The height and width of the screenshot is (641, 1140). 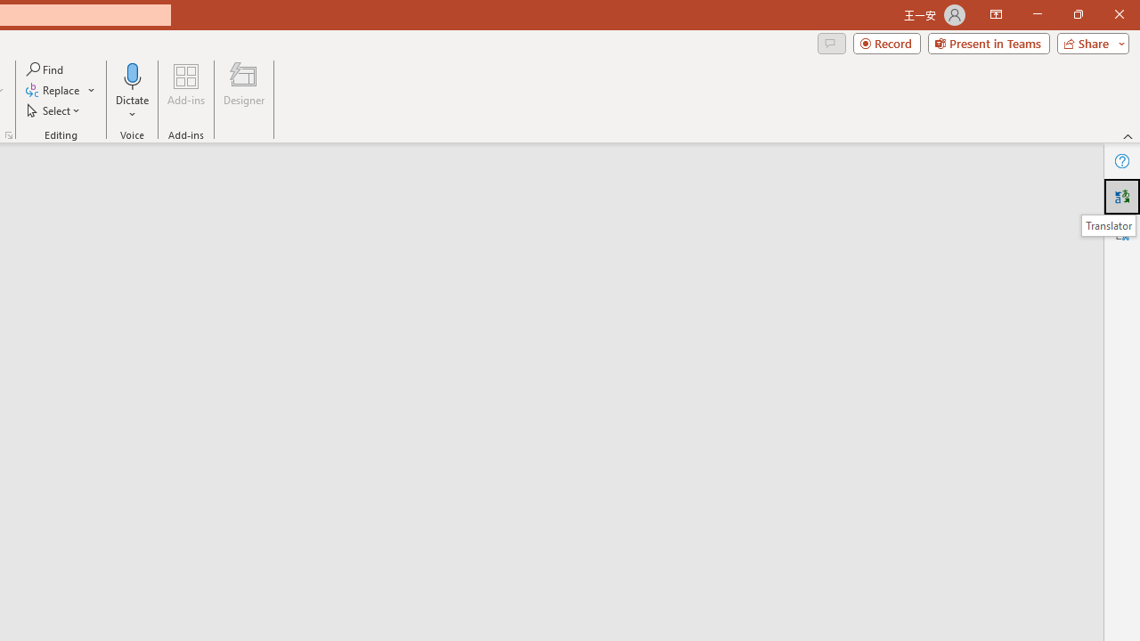 What do you see at coordinates (132, 92) in the screenshot?
I see `'Dictate'` at bounding box center [132, 92].